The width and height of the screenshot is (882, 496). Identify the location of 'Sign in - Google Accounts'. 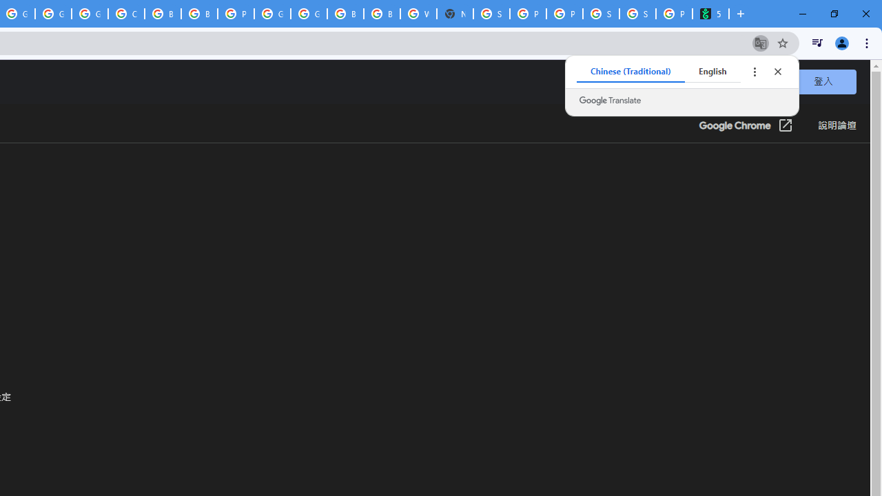
(491, 14).